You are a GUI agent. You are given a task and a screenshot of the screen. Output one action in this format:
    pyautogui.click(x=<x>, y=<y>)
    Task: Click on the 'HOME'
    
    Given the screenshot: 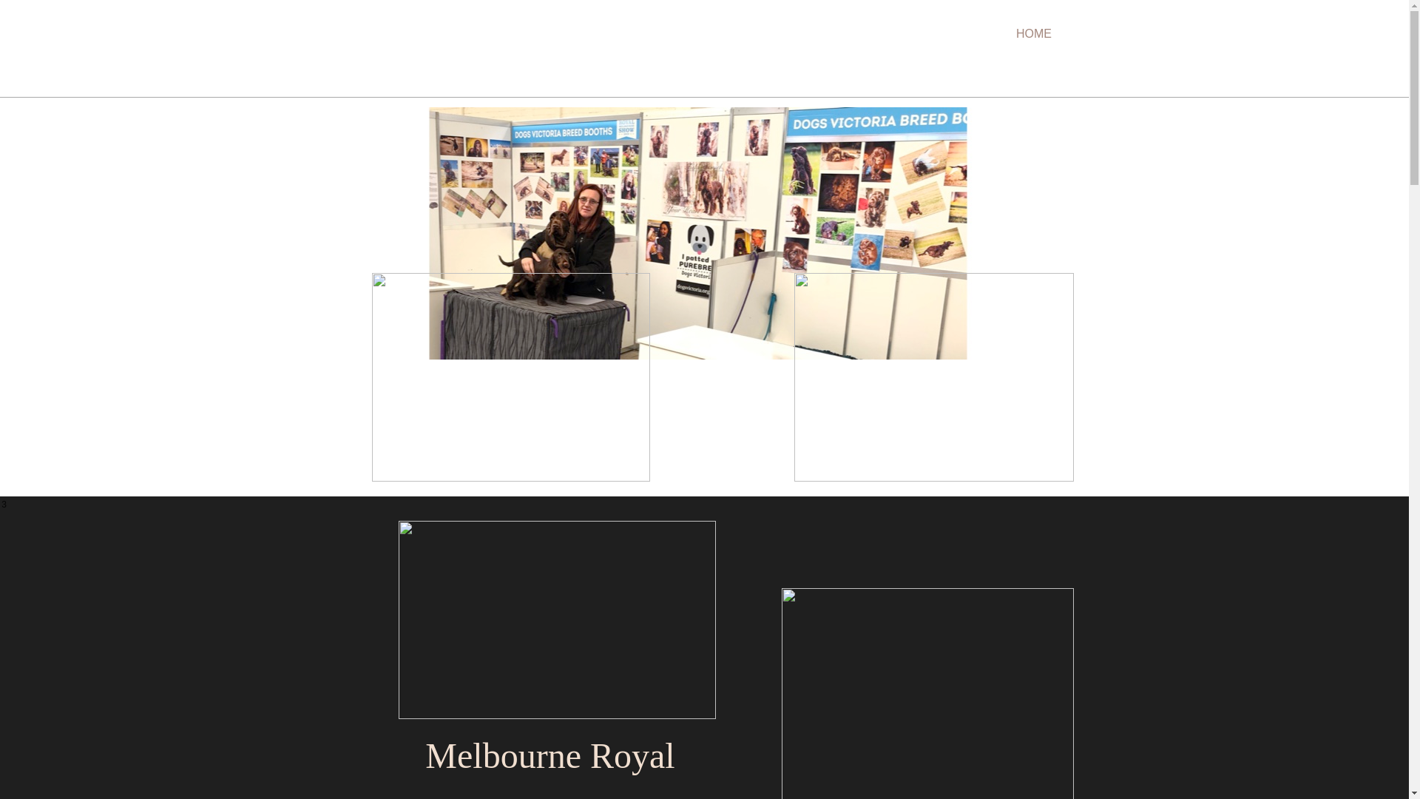 What is the action you would take?
    pyautogui.click(x=1015, y=33)
    